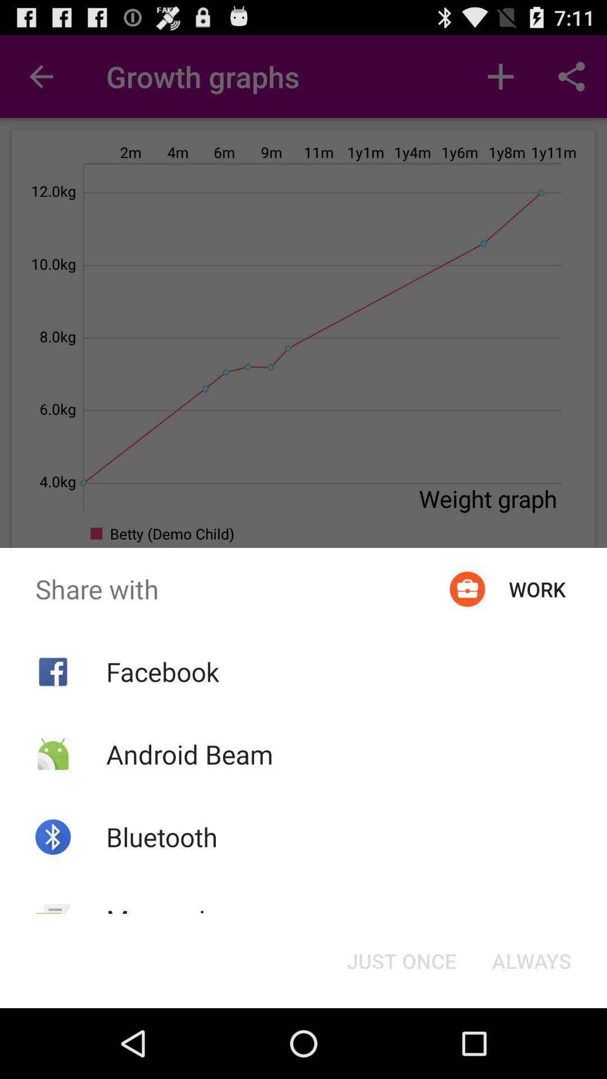  What do you see at coordinates (531, 960) in the screenshot?
I see `button to the right of just once` at bounding box center [531, 960].